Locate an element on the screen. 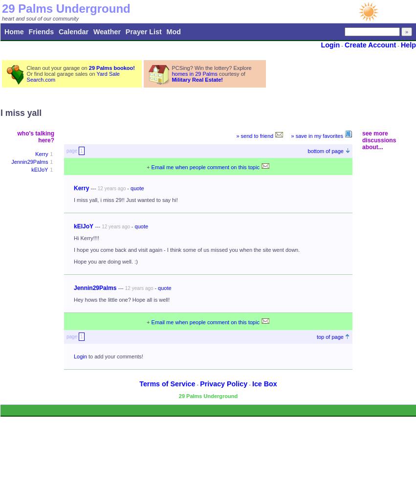 The image size is (416, 489). 'bottom of page' is located at coordinates (326, 151).